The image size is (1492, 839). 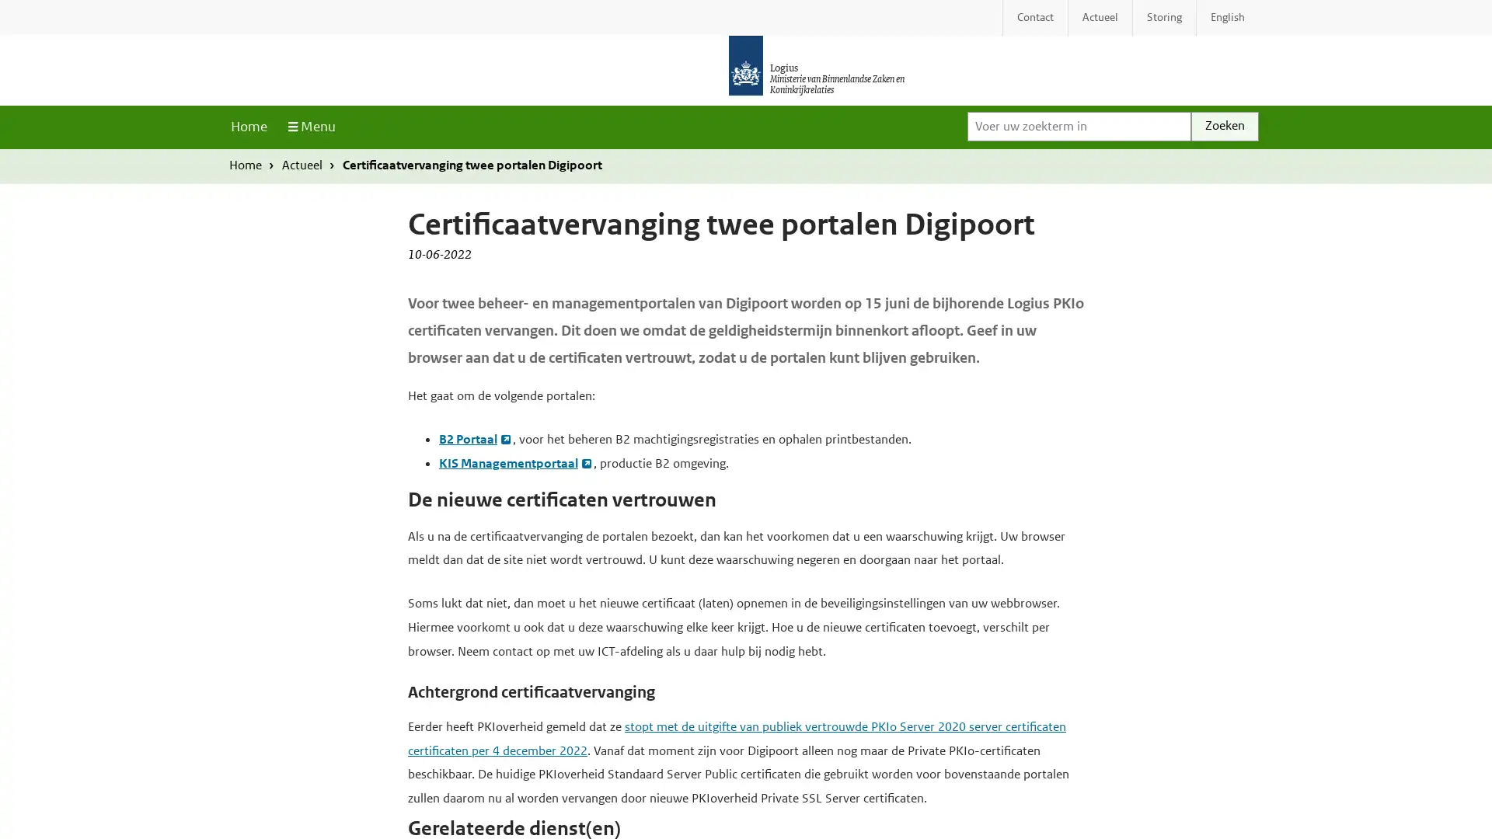 What do you see at coordinates (1224, 125) in the screenshot?
I see `Zoeken` at bounding box center [1224, 125].